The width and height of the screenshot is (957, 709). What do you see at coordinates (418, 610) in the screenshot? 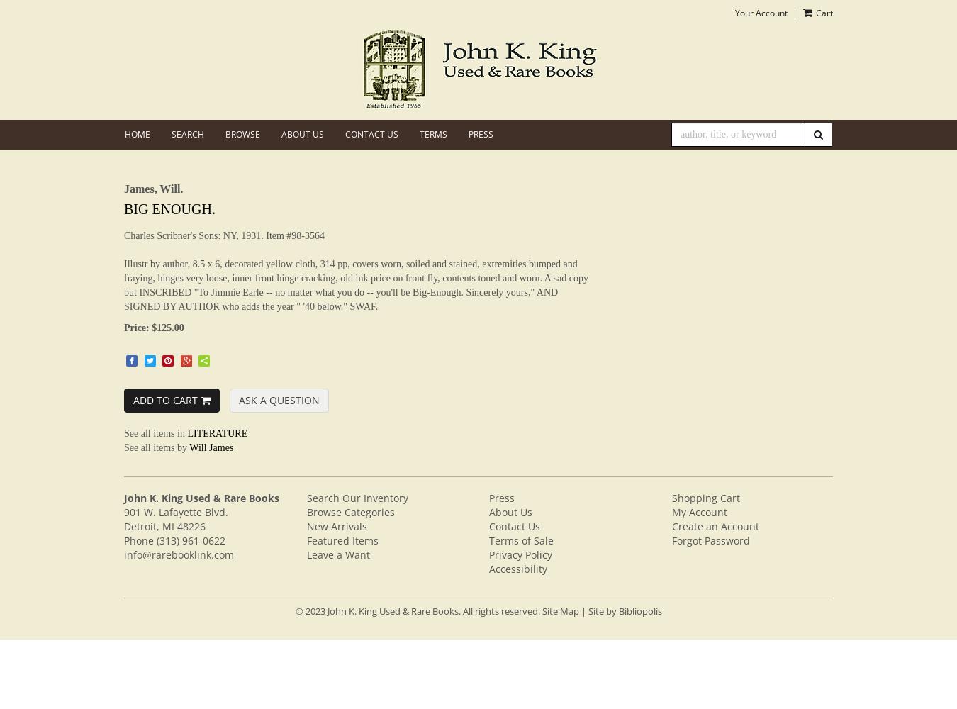
I see `'© 2023 John K. King Used & Rare Books.  All rights reserved.'` at bounding box center [418, 610].